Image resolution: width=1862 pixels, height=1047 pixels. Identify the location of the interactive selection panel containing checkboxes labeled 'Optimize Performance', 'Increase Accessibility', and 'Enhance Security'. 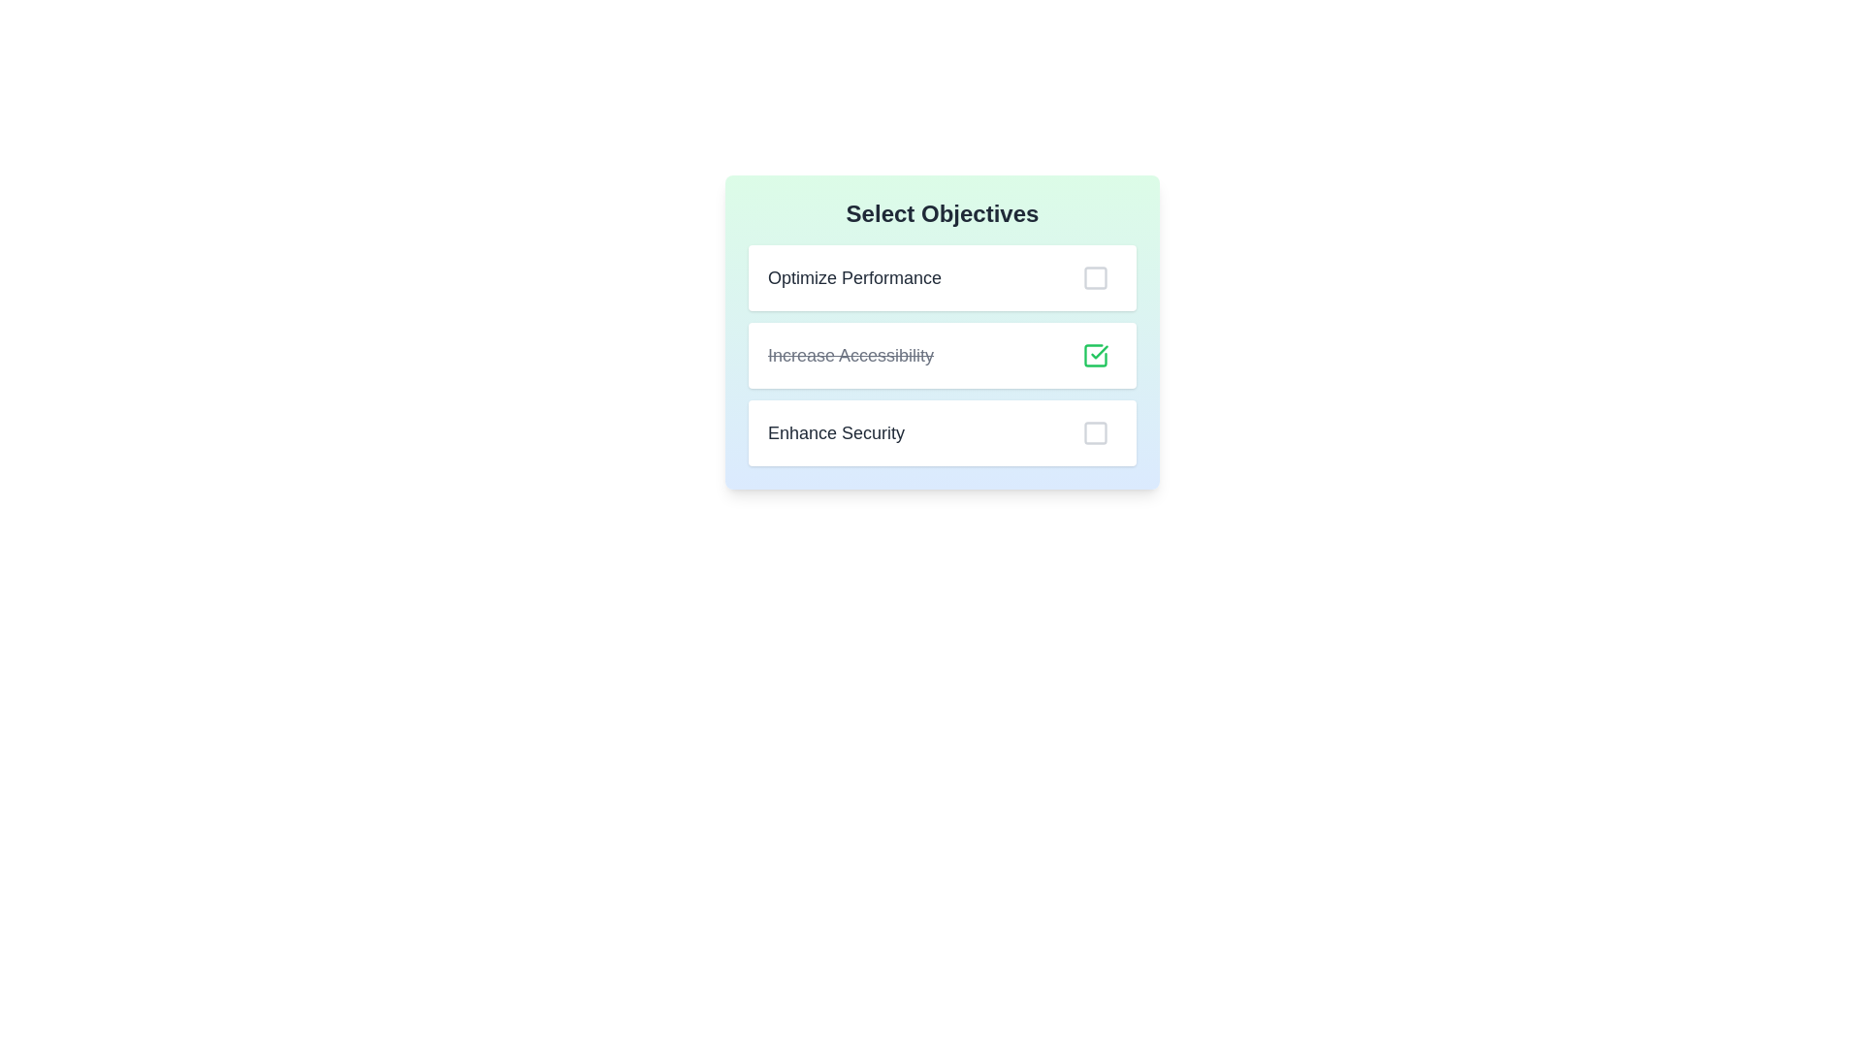
(942, 332).